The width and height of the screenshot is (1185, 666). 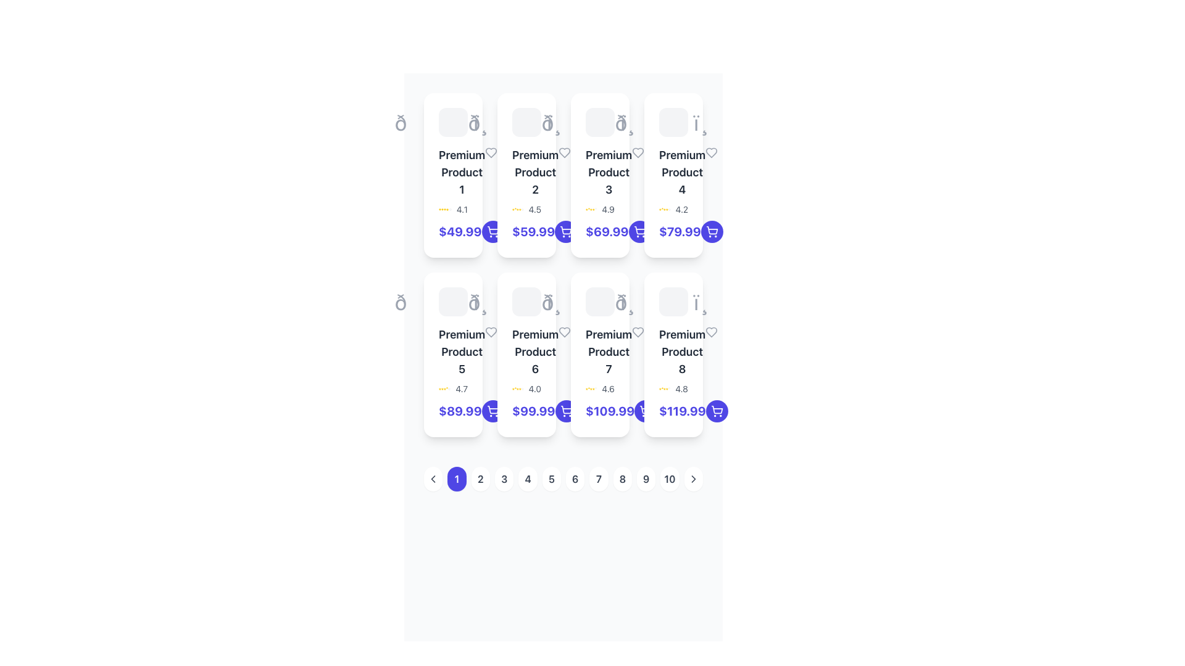 What do you see at coordinates (638, 332) in the screenshot?
I see `the icon button located at the top-right side of the product card labeled 'Premium Product 7'` at bounding box center [638, 332].